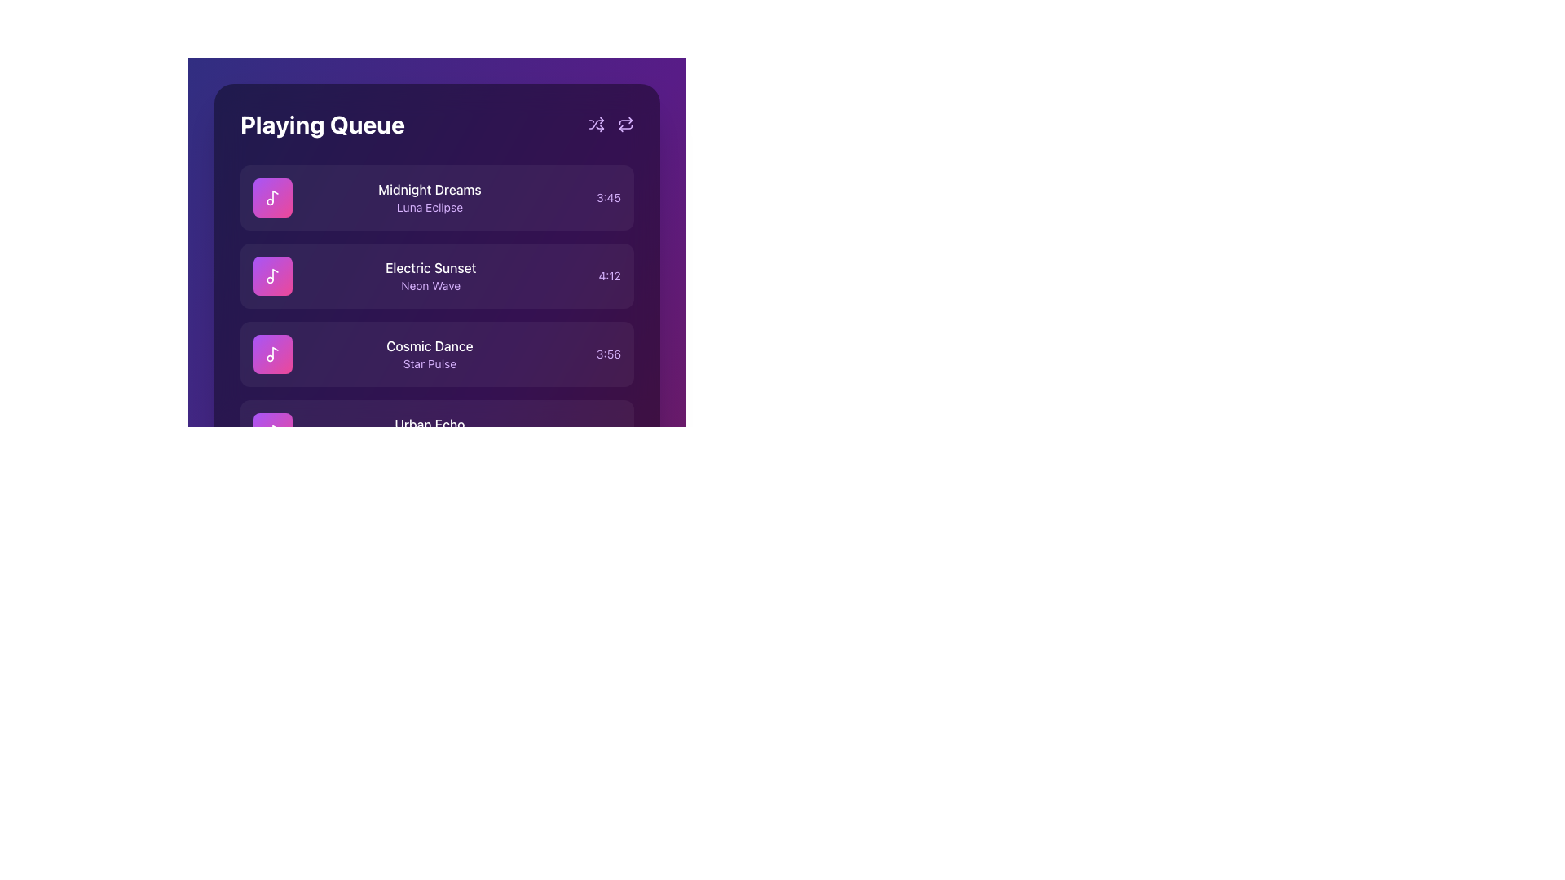  Describe the element at coordinates (609, 275) in the screenshot. I see `the text label displaying the time duration '4:12' aligned with the song title 'Electric Sunset' and artist name 'Neon Wave', located within the second entry of a vertical list` at that location.